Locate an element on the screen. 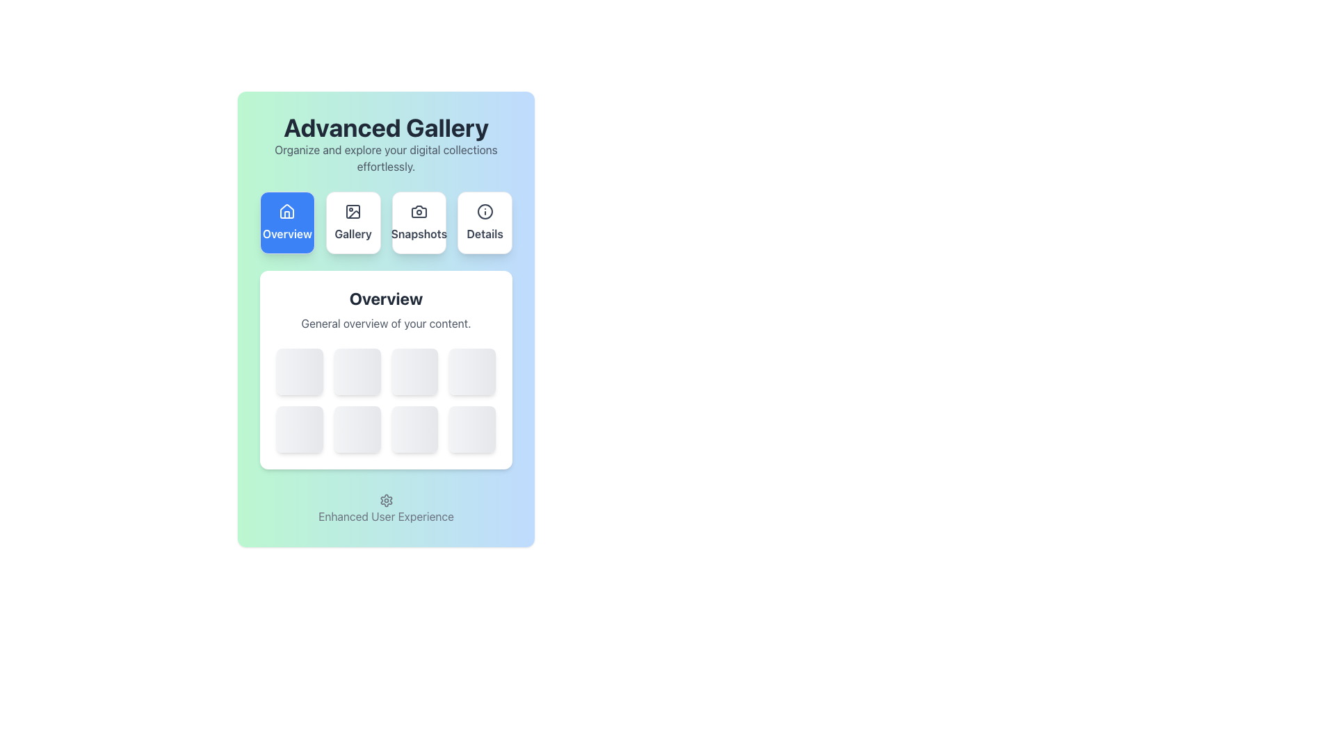  the 'Details' button, which is a rectangular button with a white background, rounded corners, and a dark gray border, containing a circular blue icon with an 'i' and the text 'Details' below it is located at coordinates (485, 222).